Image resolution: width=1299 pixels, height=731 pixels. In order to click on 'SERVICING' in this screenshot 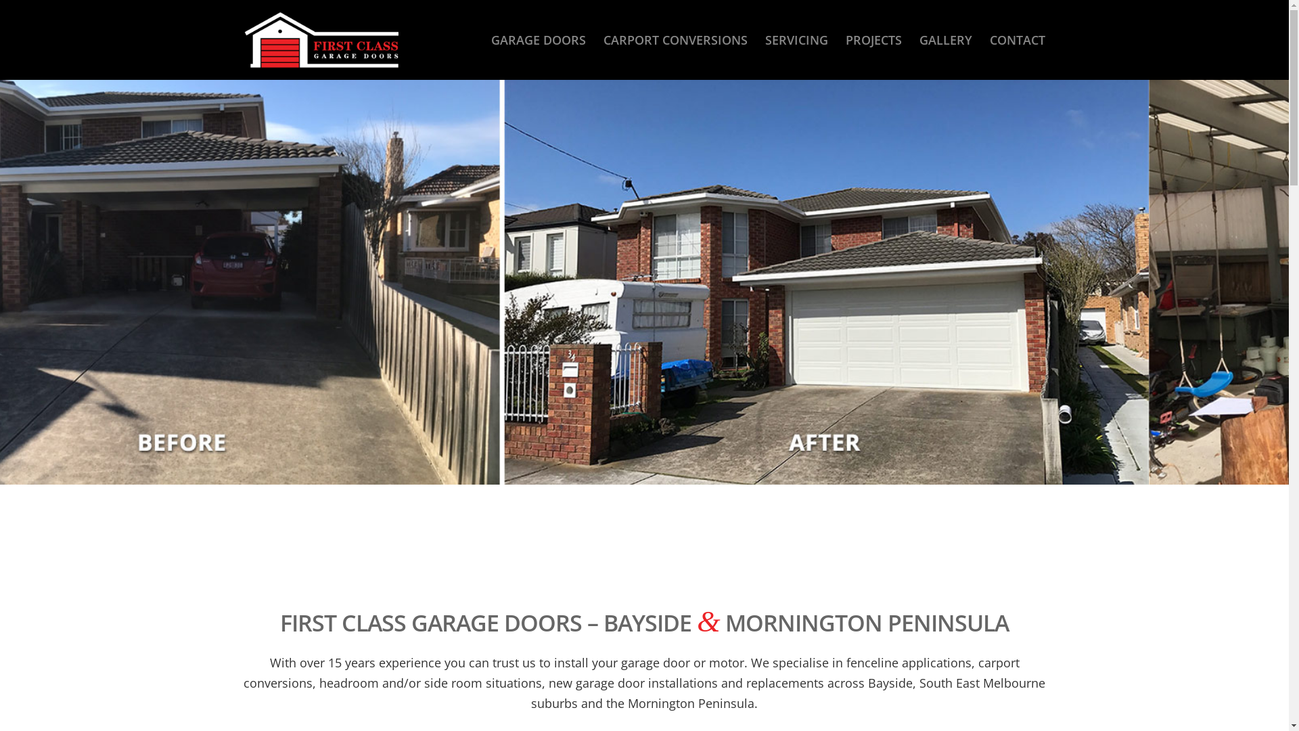, I will do `click(796, 39)`.